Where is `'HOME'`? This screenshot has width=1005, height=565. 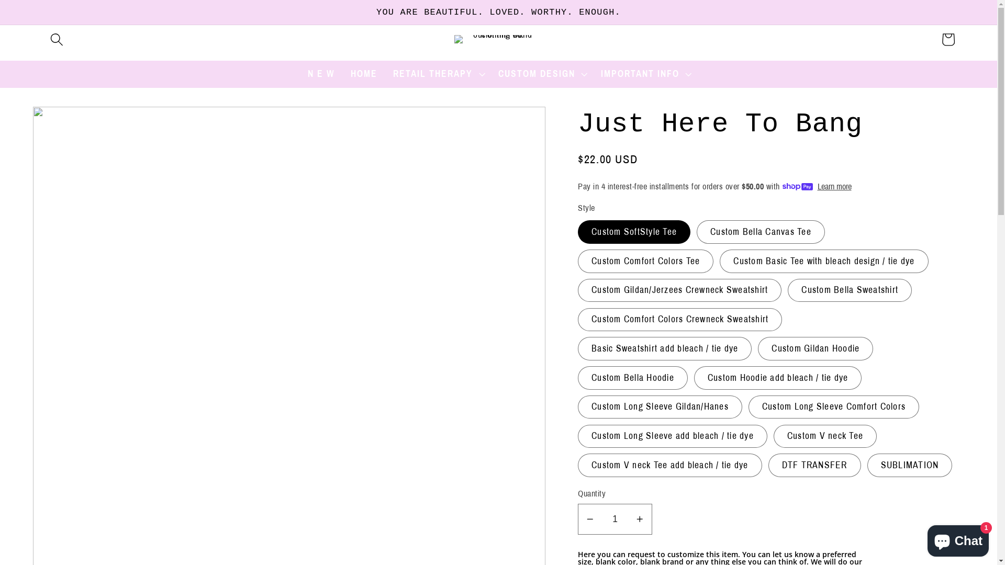
'HOME' is located at coordinates (364, 74).